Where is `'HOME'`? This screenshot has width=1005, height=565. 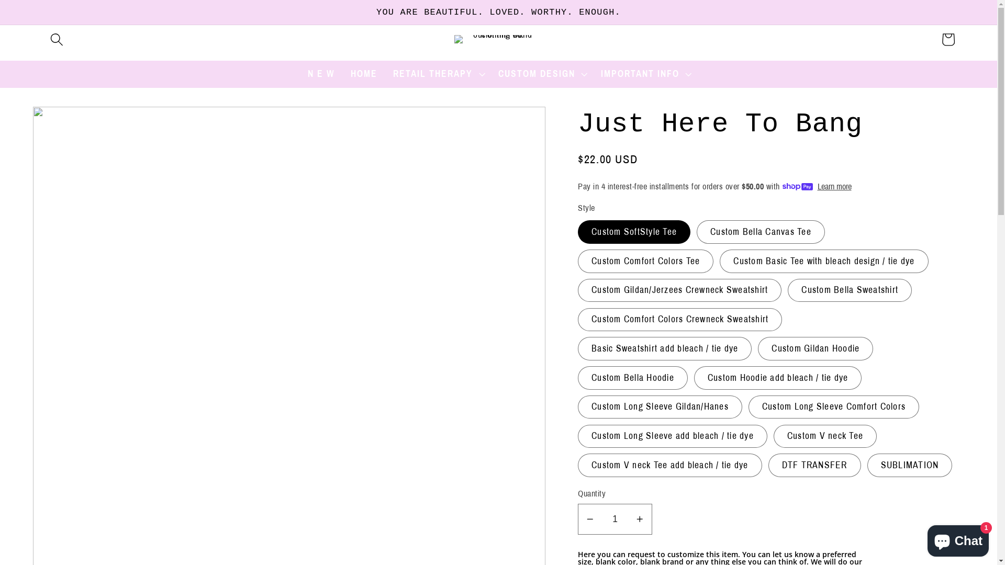
'HOME' is located at coordinates (364, 74).